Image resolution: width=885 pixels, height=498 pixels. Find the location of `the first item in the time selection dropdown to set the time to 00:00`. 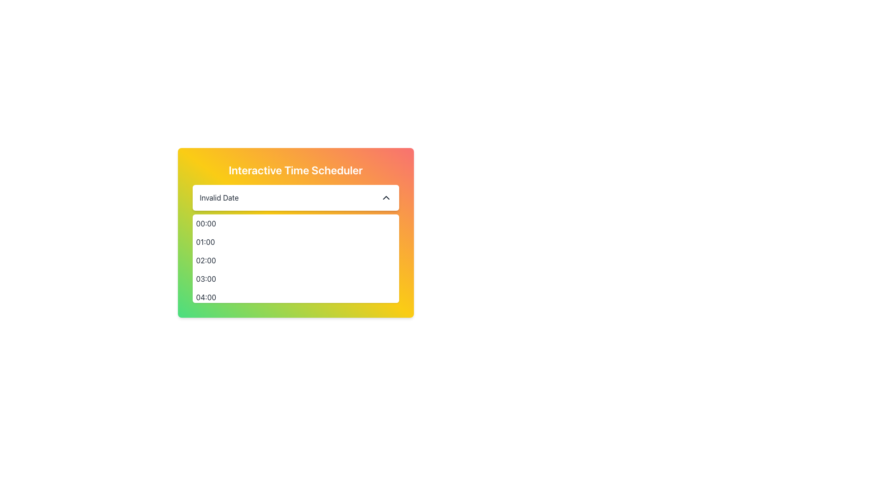

the first item in the time selection dropdown to set the time to 00:00 is located at coordinates (295, 224).